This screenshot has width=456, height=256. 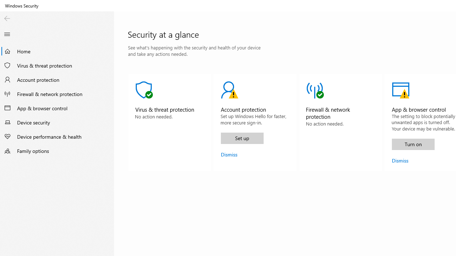 I want to click on 'Windows Hello set up', so click(x=242, y=138).